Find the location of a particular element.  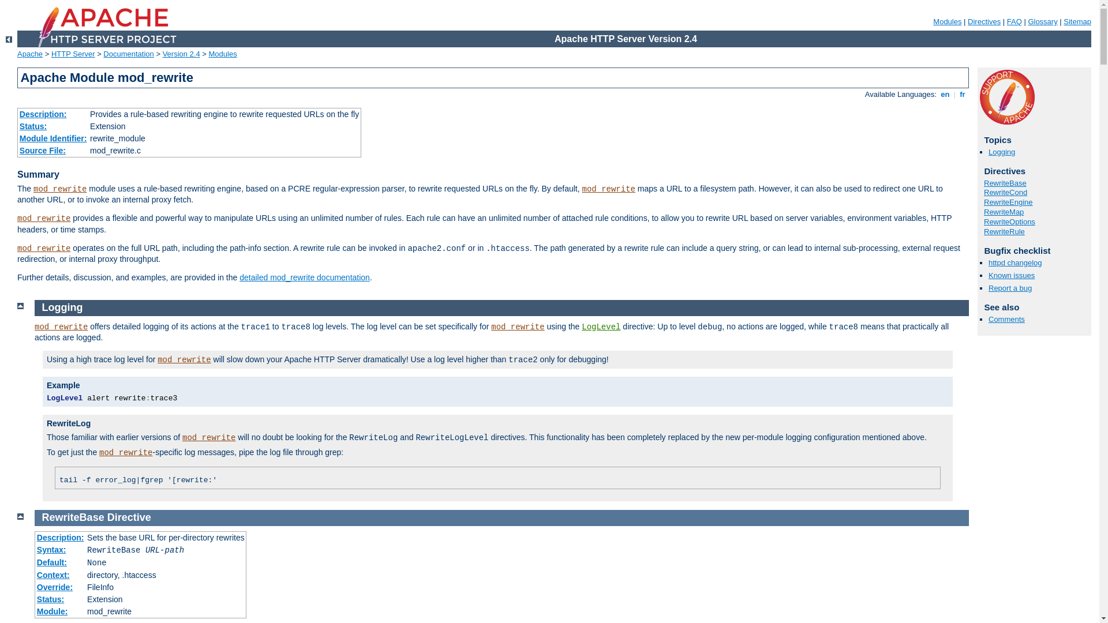

'Logging' is located at coordinates (988, 151).